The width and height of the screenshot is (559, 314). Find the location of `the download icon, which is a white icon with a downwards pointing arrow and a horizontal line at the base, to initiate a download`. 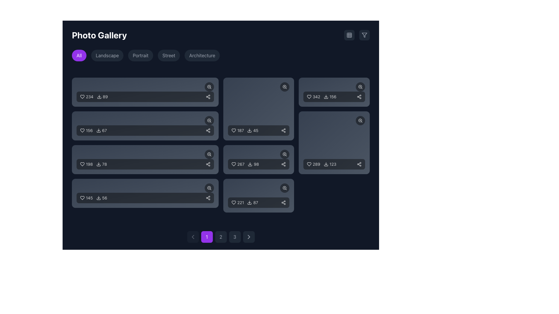

the download icon, which is a white icon with a downwards pointing arrow and a horizontal line at the base, to initiate a download is located at coordinates (326, 96).